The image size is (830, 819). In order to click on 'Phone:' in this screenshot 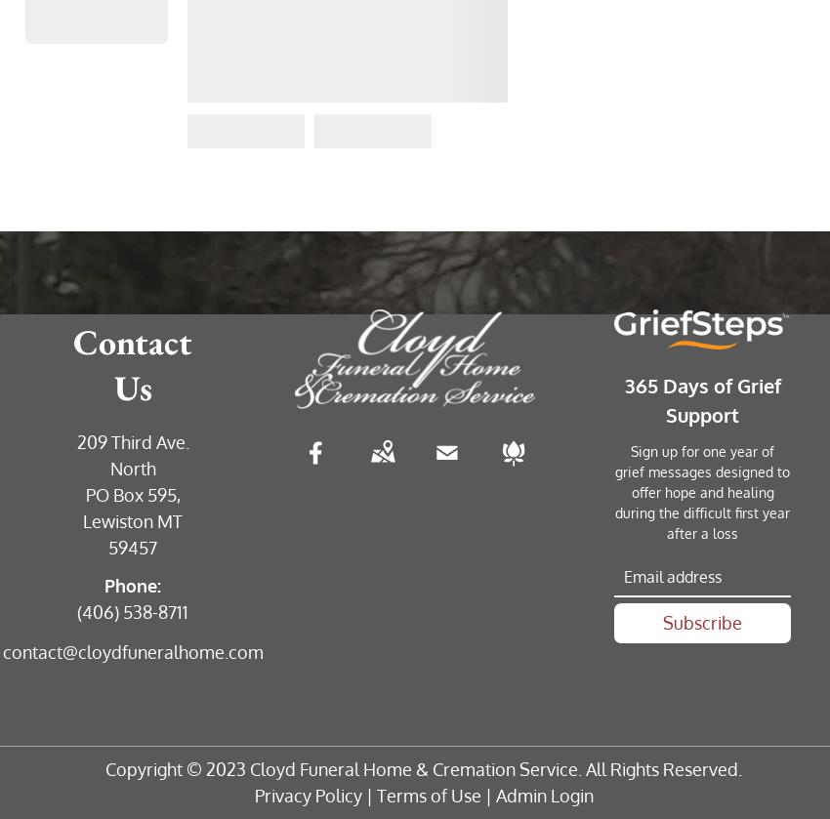, I will do `click(133, 584)`.